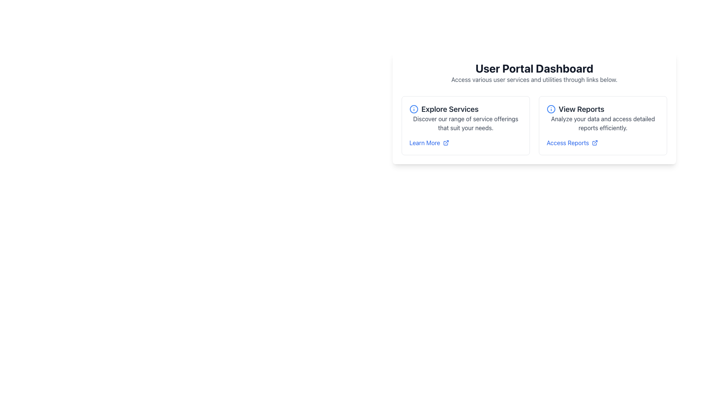 The height and width of the screenshot is (404, 718). Describe the element at coordinates (534, 79) in the screenshot. I see `the static text label that reads 'Access various user services and utilities through links below,' which is located directly below the bold heading 'User Portal Dashboard.'` at that location.